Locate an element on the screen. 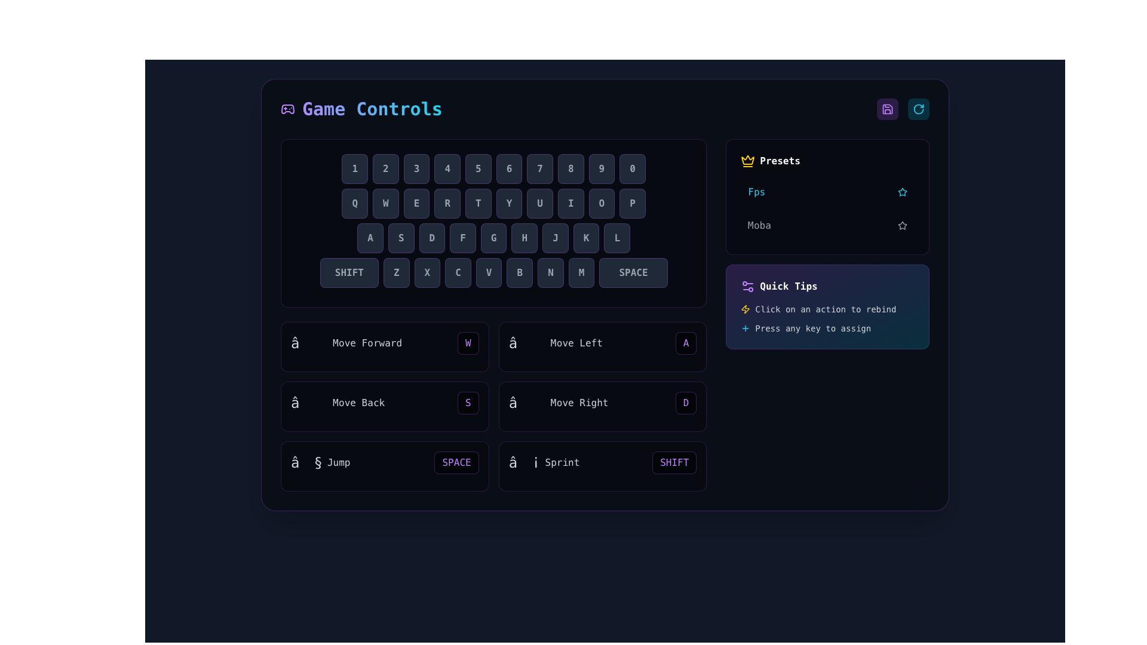 The image size is (1147, 645). the rectangular button labeled 'C' with a dark gray background and light gray text, located in the third row of the keyboard in the 'Game Controls' section, to simulate pressing the 'C' key is located at coordinates (458, 272).